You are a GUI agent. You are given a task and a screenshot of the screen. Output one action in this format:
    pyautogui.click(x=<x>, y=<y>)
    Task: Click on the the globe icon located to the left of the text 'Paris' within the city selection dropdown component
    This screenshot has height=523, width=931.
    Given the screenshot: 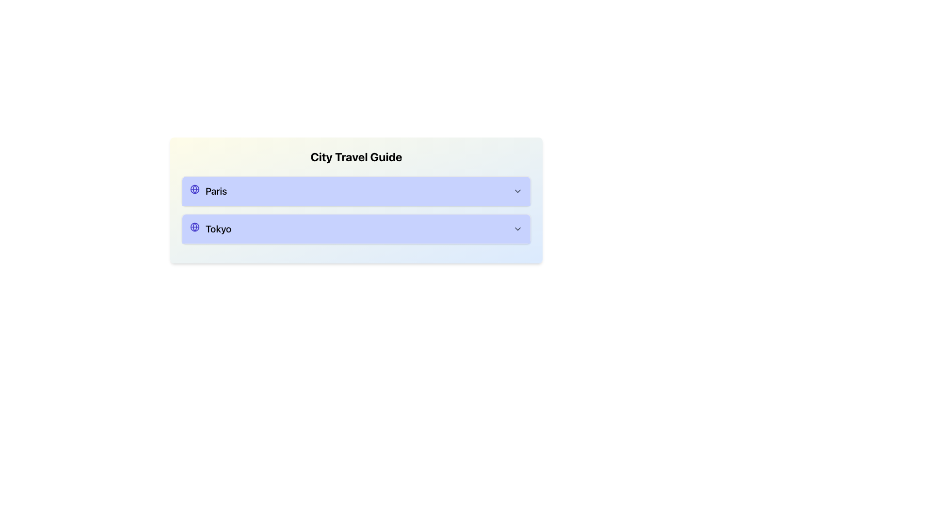 What is the action you would take?
    pyautogui.click(x=194, y=189)
    